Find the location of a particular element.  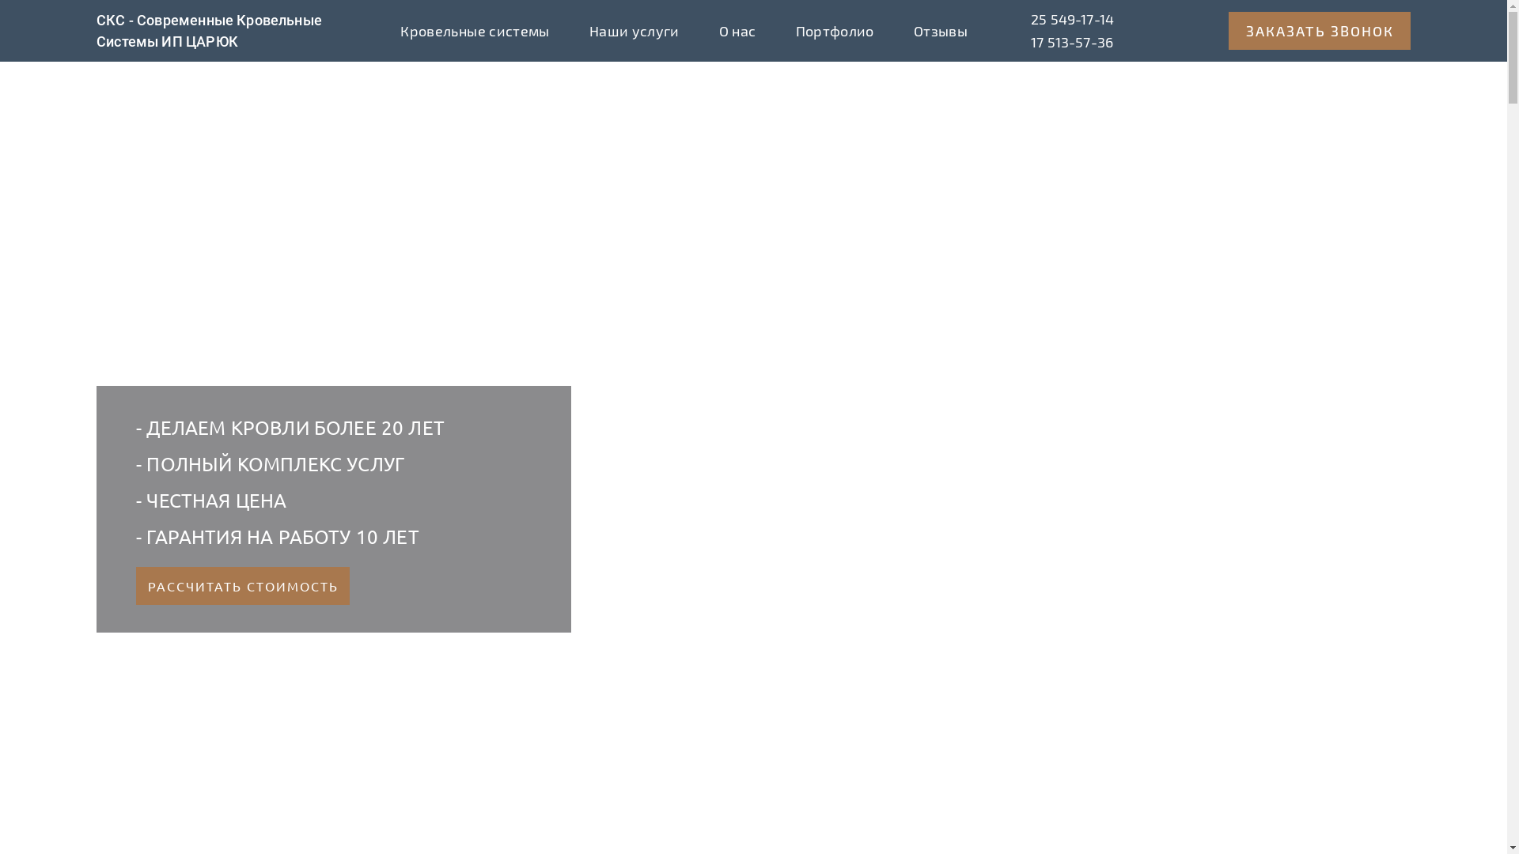

'17 513-57-36' is located at coordinates (1071, 42).